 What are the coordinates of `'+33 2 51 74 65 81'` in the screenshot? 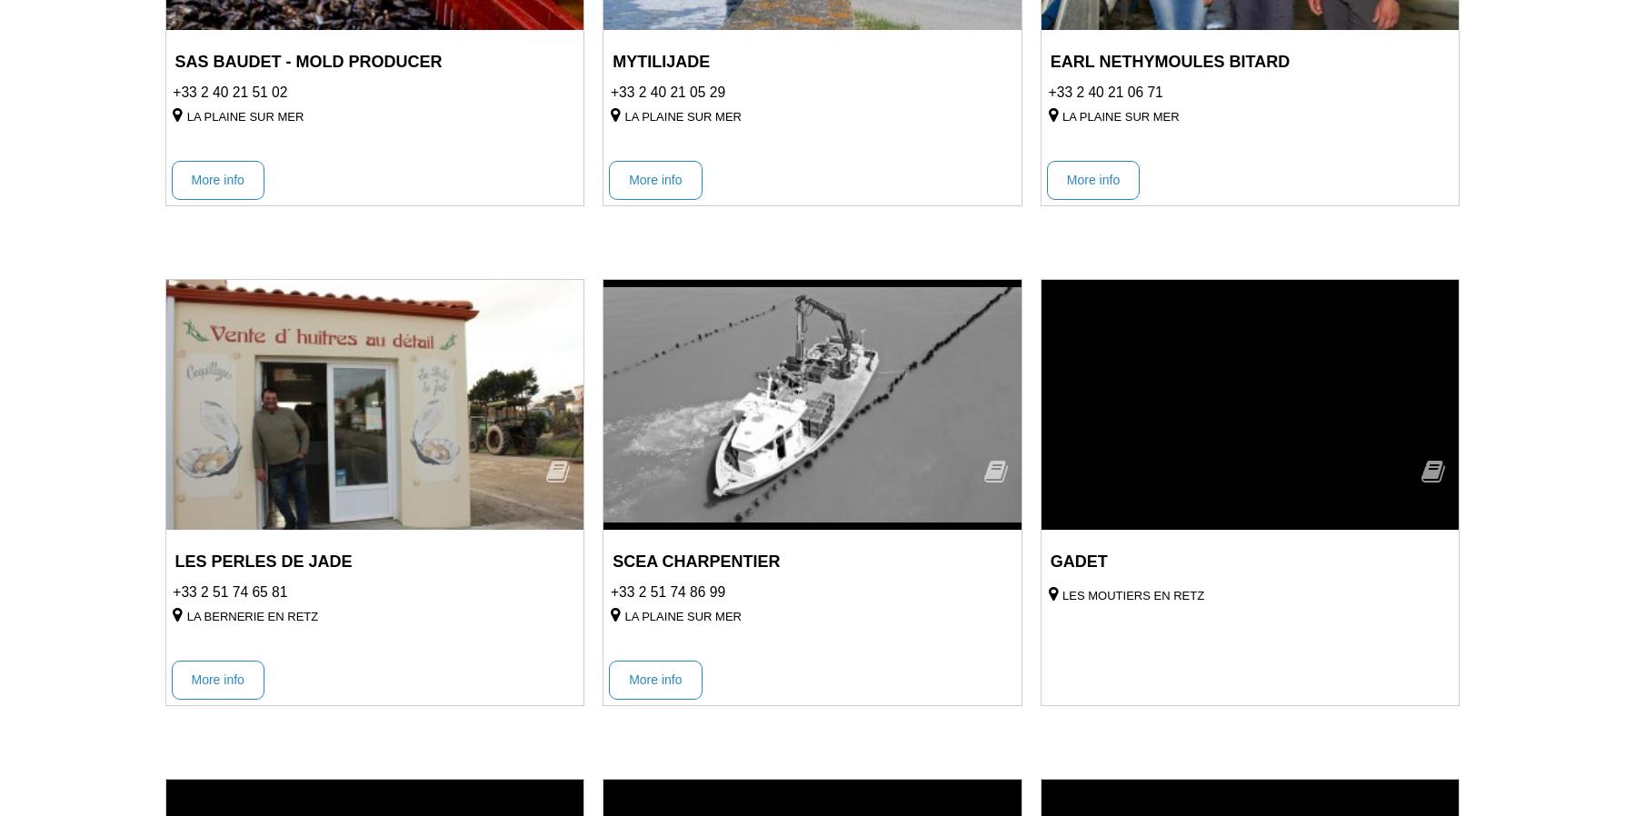 It's located at (229, 590).